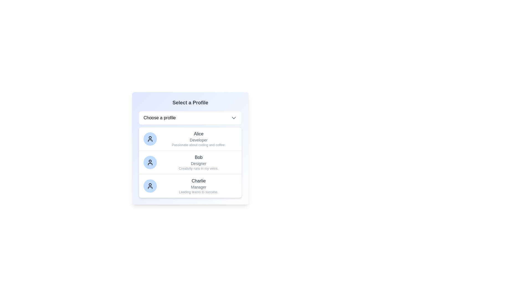 The width and height of the screenshot is (532, 299). Describe the element at coordinates (234, 117) in the screenshot. I see `the chevron icon located at the extreme right of the 'Choose a profile' text` at that location.